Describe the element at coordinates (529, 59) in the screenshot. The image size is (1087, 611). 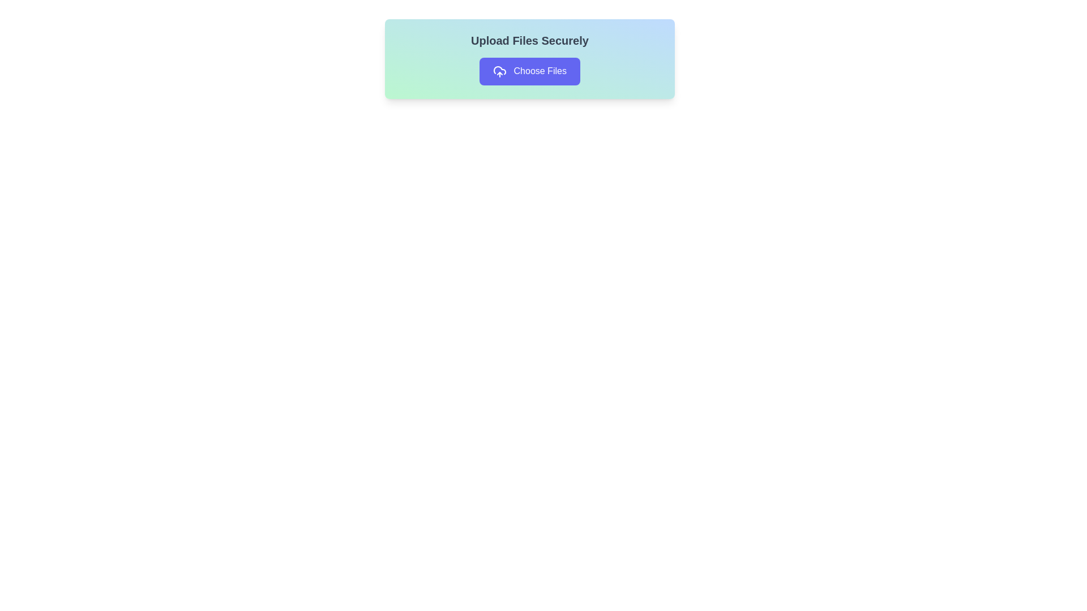
I see `the 'Choose Files' button in the call-to-action component titled 'Upload Files Securely'` at that location.